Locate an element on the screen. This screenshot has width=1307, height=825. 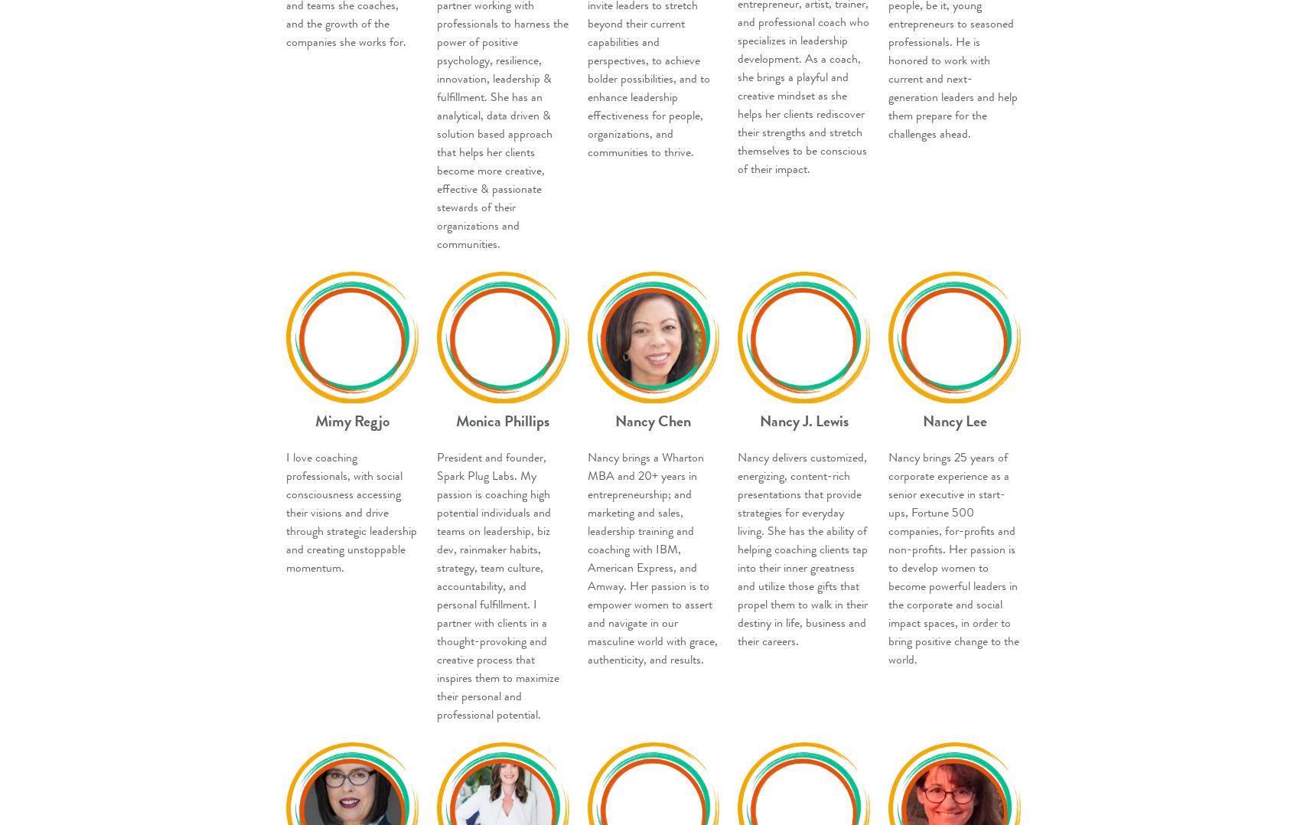
'I love coaching professionals, with social consciousness accessing their visions and drive through strategic leadership and creating unstoppable momentum.' is located at coordinates (351, 512).